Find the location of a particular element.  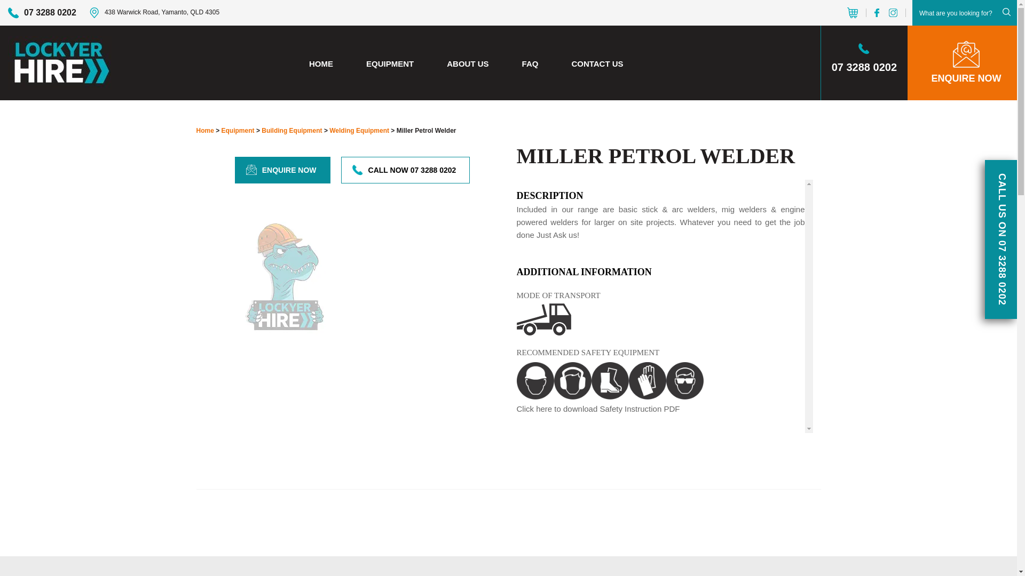

'FAQ' is located at coordinates (522, 63).